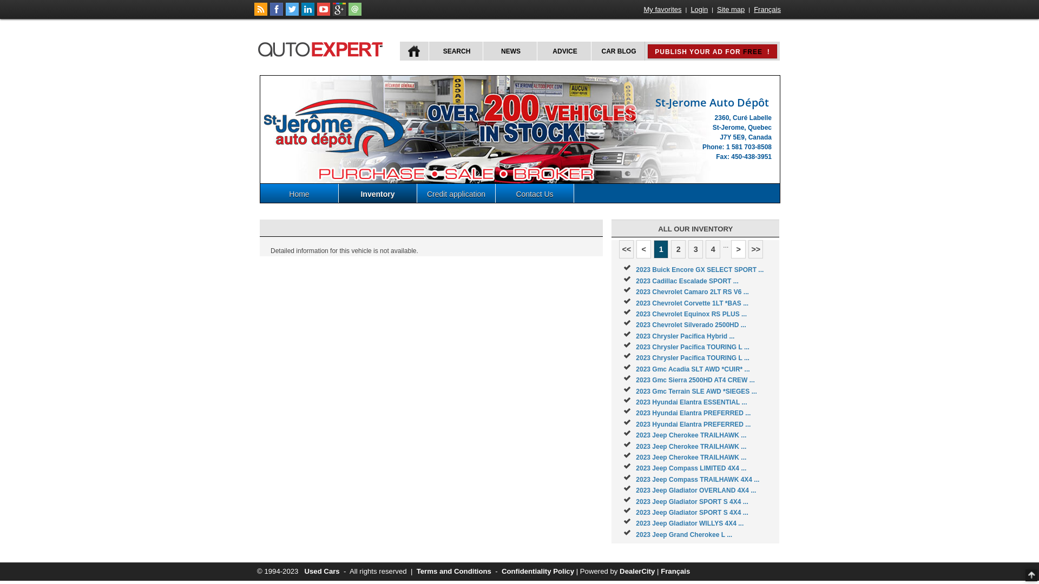 Image resolution: width=1039 pixels, height=584 pixels. I want to click on '<', so click(643, 249).